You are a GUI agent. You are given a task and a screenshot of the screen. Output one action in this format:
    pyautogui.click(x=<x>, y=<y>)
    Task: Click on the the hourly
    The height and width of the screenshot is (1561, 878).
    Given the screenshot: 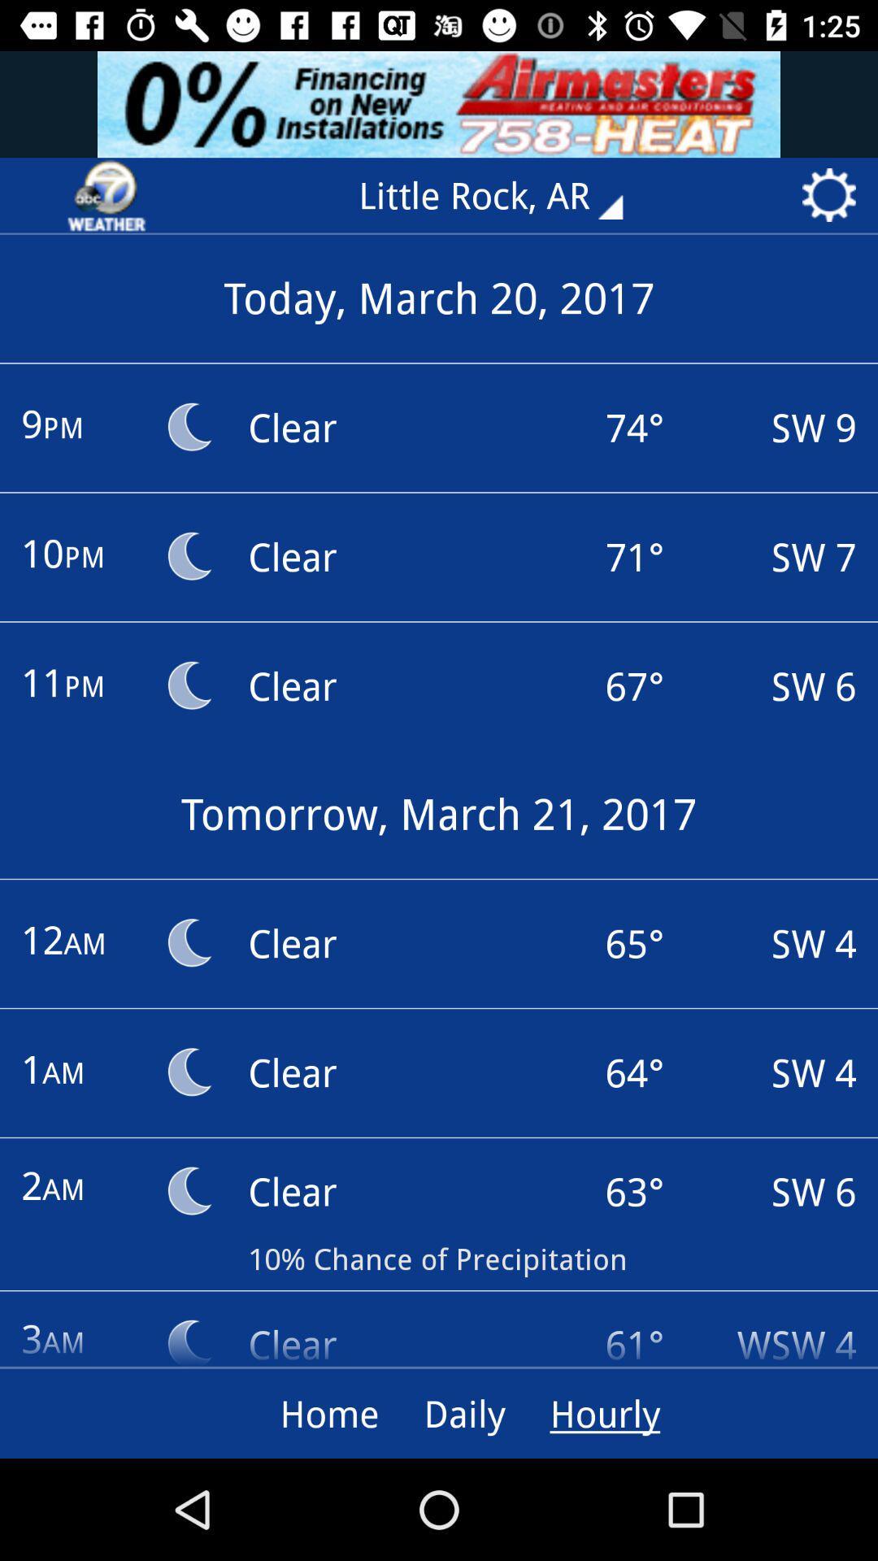 What is the action you would take?
    pyautogui.click(x=605, y=1412)
    